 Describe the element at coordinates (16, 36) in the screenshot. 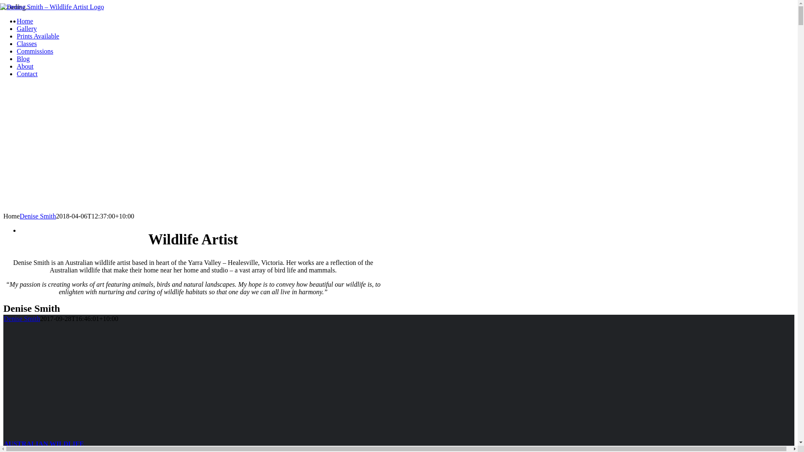

I see `'Prints Available'` at that location.